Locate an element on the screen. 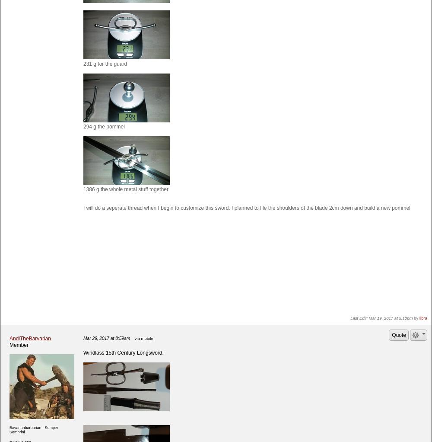  'Bavarianbarbarian - Semper Semprini' is located at coordinates (33, 429).